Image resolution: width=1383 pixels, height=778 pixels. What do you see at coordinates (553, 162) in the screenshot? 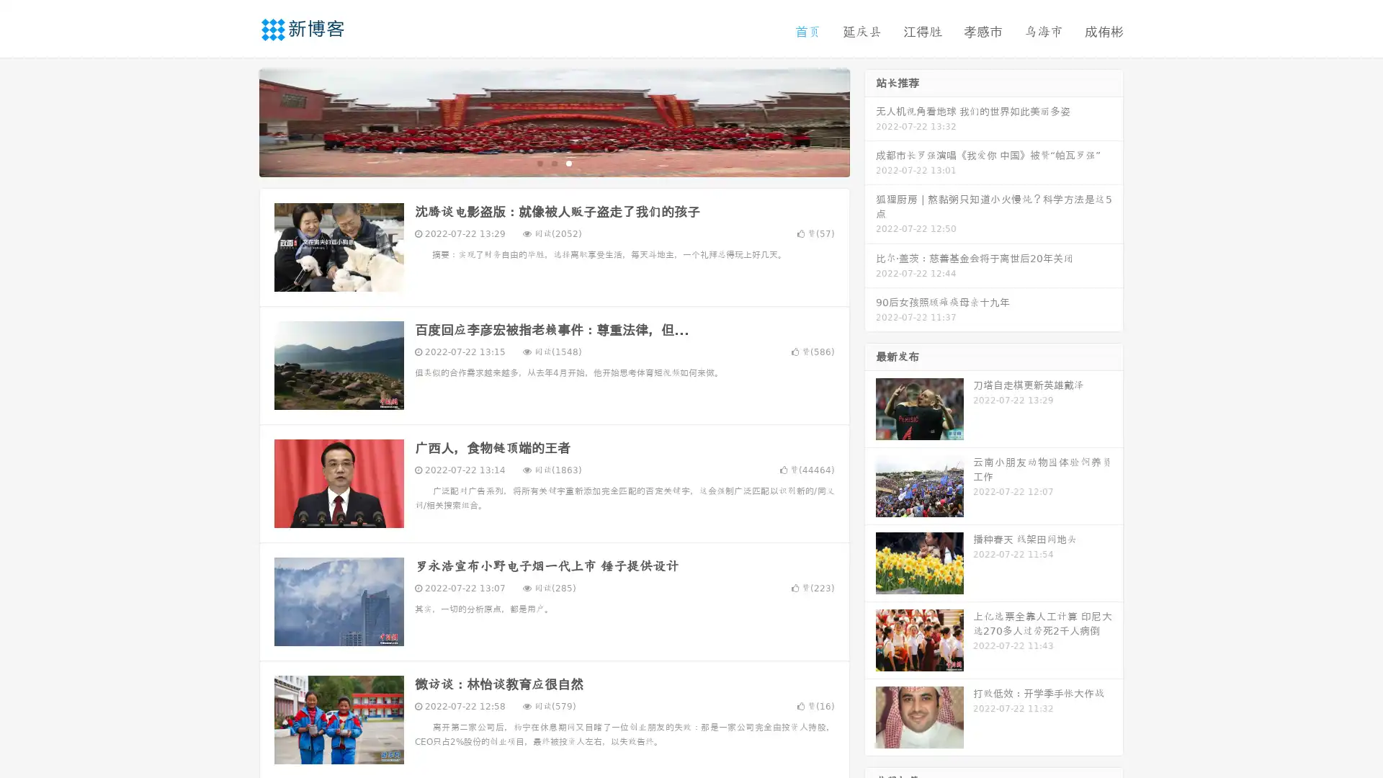
I see `Go to slide 2` at bounding box center [553, 162].